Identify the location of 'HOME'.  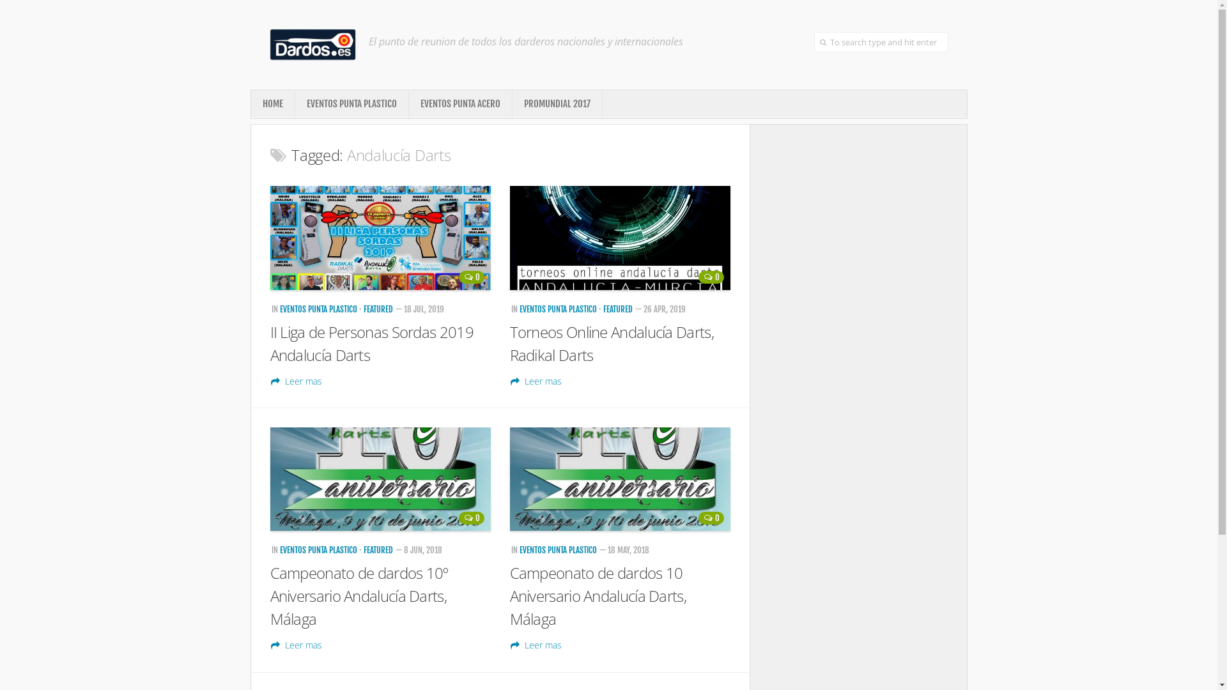
(272, 103).